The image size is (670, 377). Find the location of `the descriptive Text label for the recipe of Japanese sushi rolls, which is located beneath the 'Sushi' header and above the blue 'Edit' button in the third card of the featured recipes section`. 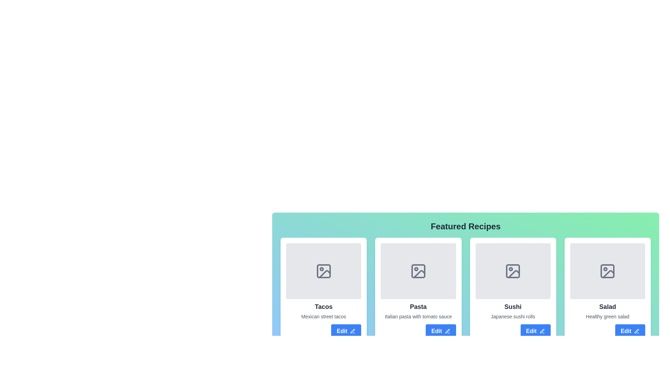

the descriptive Text label for the recipe of Japanese sushi rolls, which is located beneath the 'Sushi' header and above the blue 'Edit' button in the third card of the featured recipes section is located at coordinates (513, 316).